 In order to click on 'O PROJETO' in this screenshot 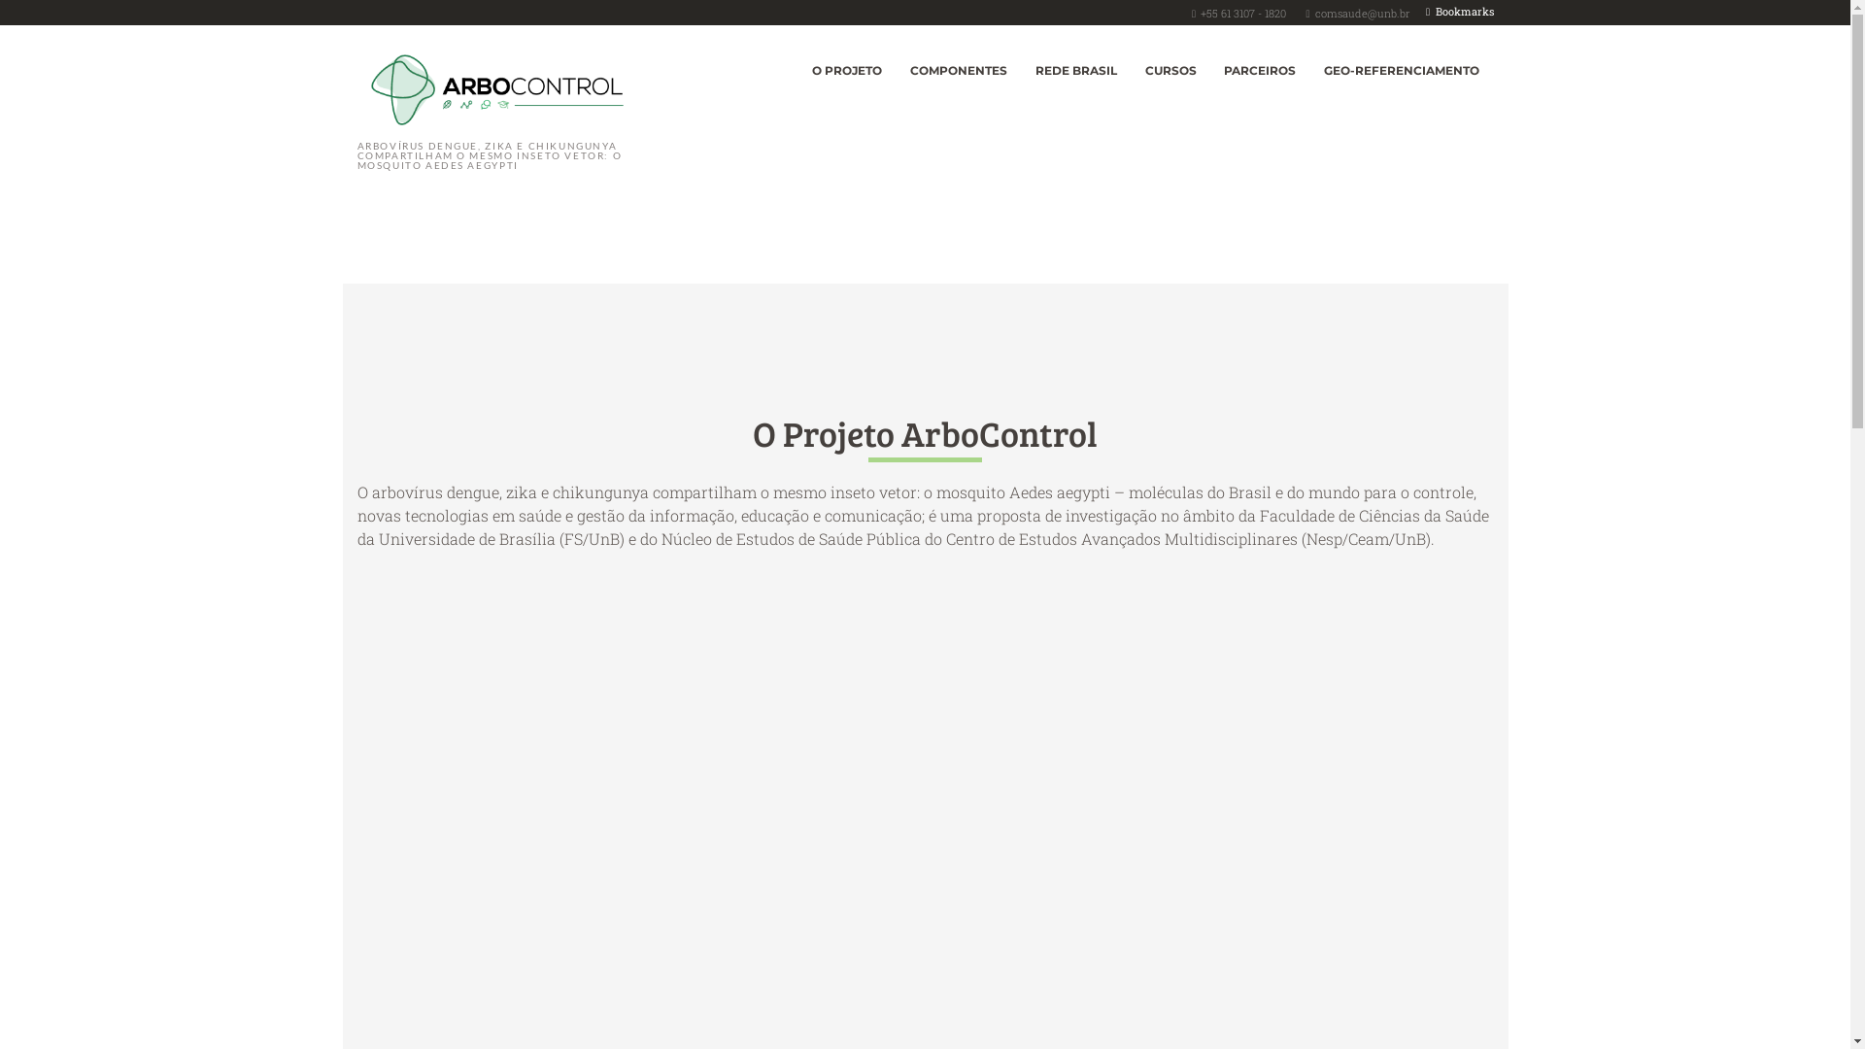, I will do `click(847, 70)`.